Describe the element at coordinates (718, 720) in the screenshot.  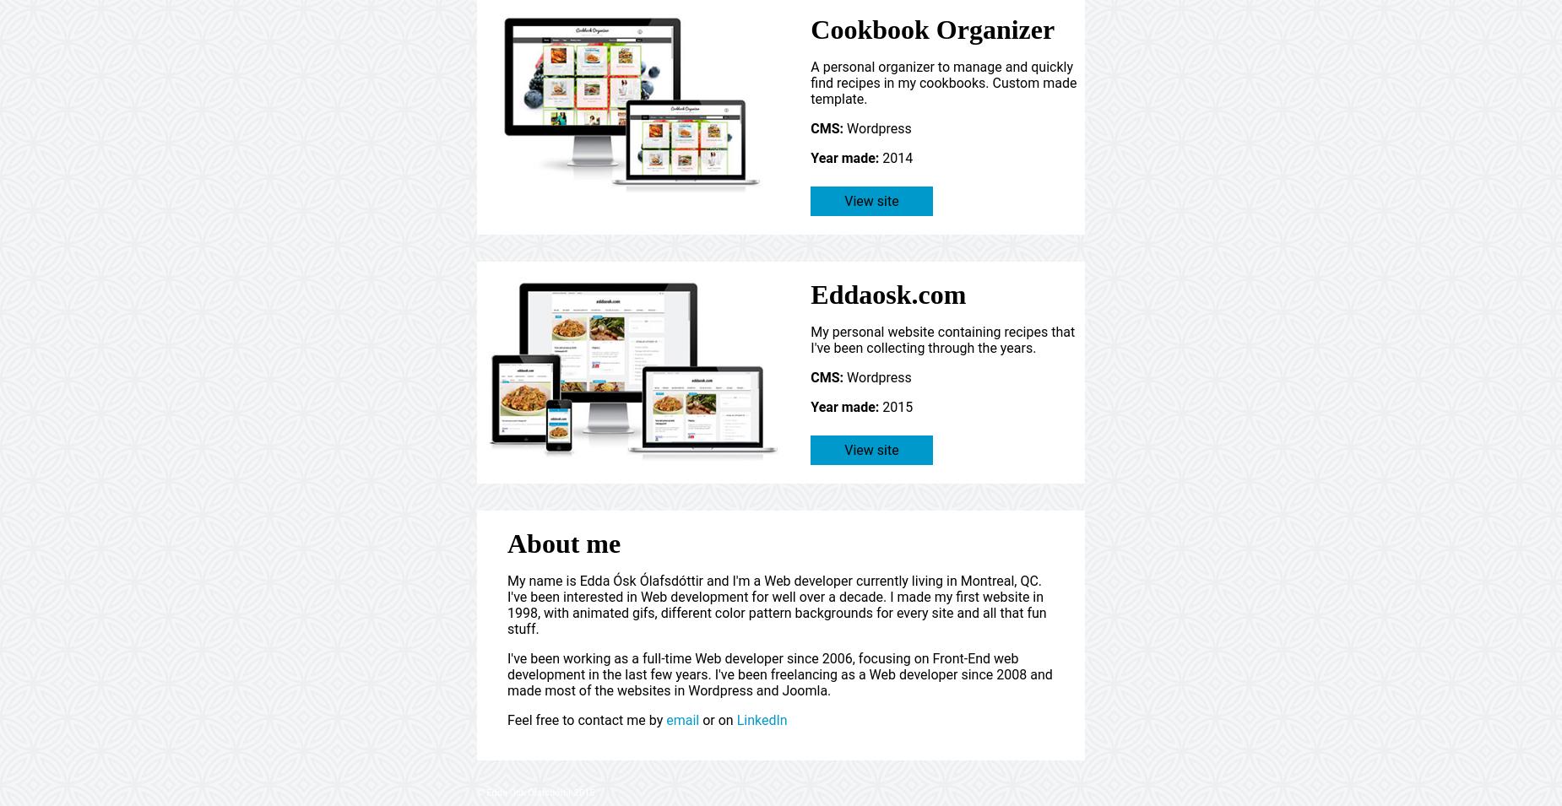
I see `'or on'` at that location.